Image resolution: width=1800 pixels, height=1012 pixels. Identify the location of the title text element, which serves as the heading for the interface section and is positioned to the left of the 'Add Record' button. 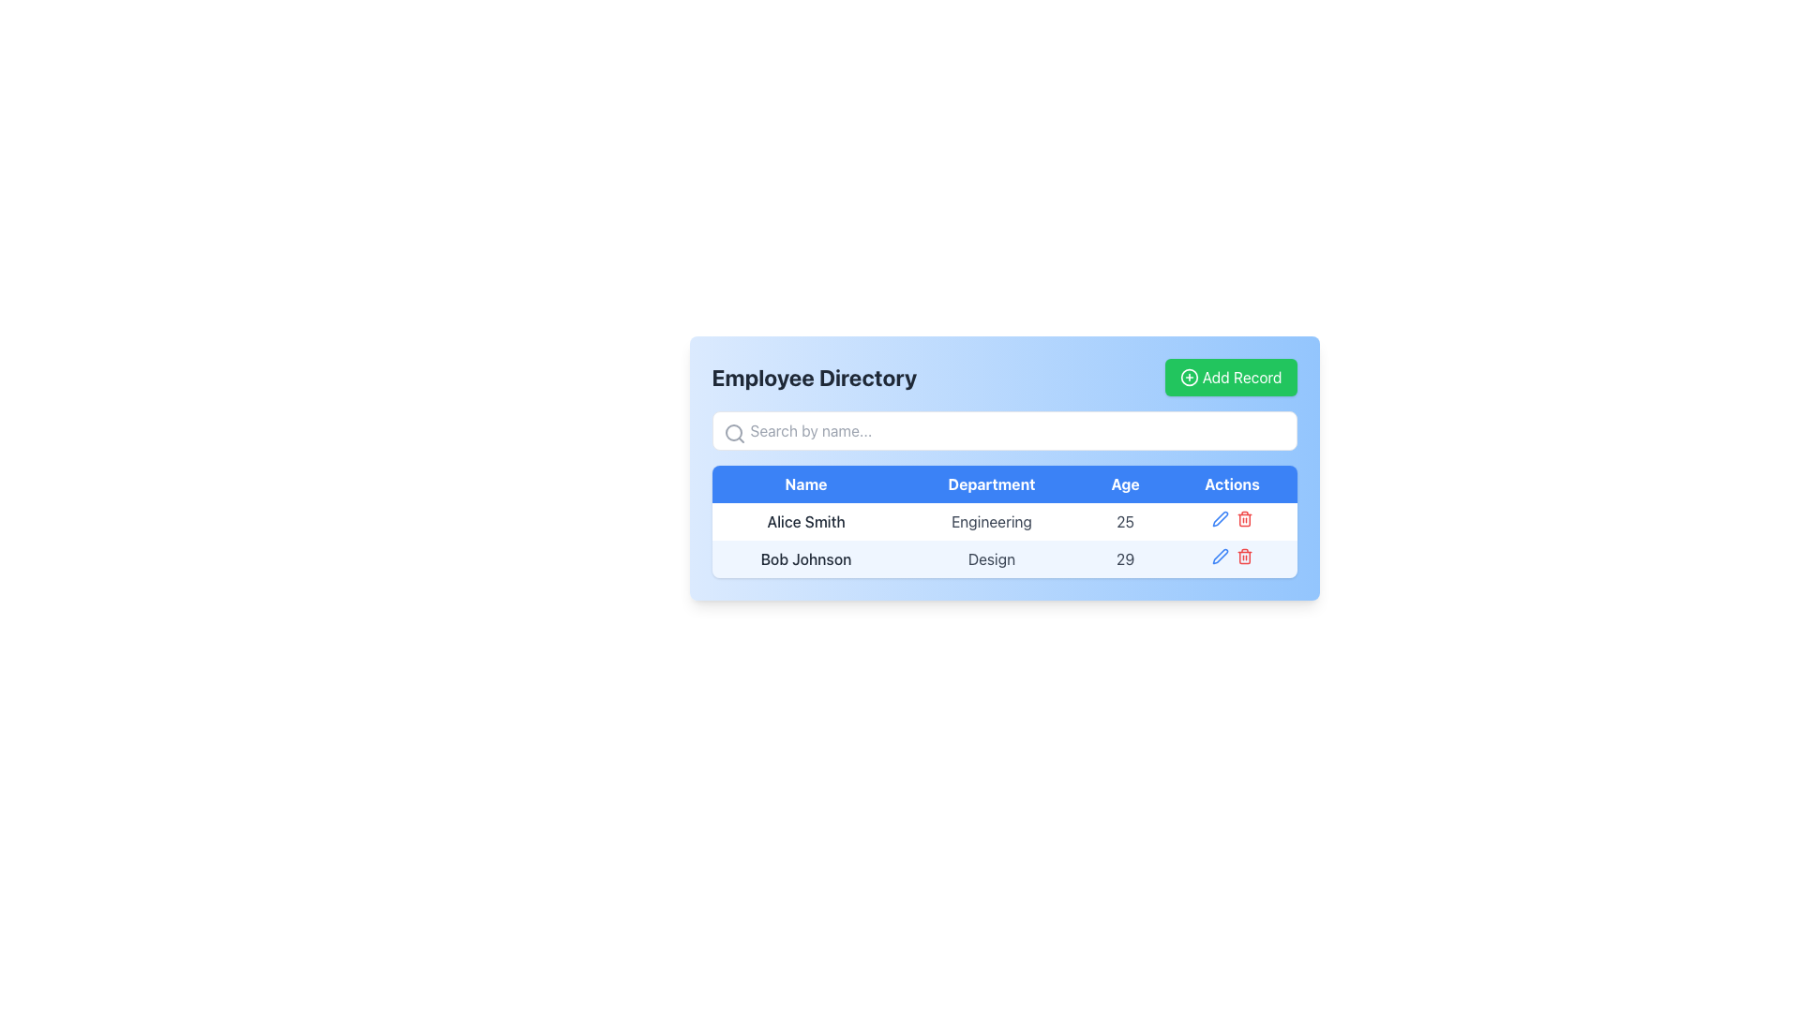
(814, 377).